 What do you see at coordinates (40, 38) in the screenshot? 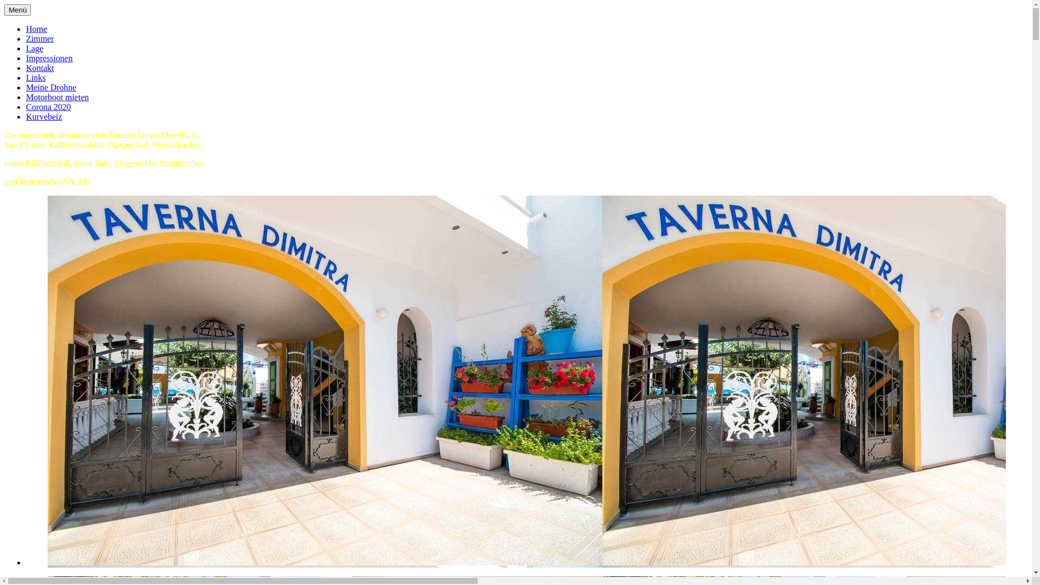
I see `'Zimmer'` at bounding box center [40, 38].